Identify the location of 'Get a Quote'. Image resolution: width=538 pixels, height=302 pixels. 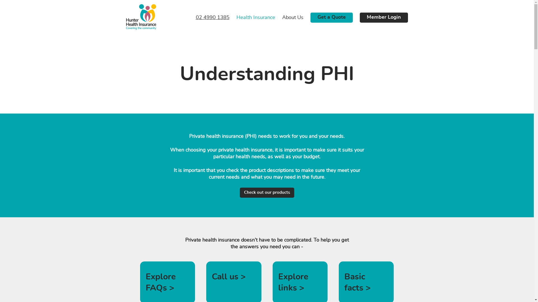
(310, 17).